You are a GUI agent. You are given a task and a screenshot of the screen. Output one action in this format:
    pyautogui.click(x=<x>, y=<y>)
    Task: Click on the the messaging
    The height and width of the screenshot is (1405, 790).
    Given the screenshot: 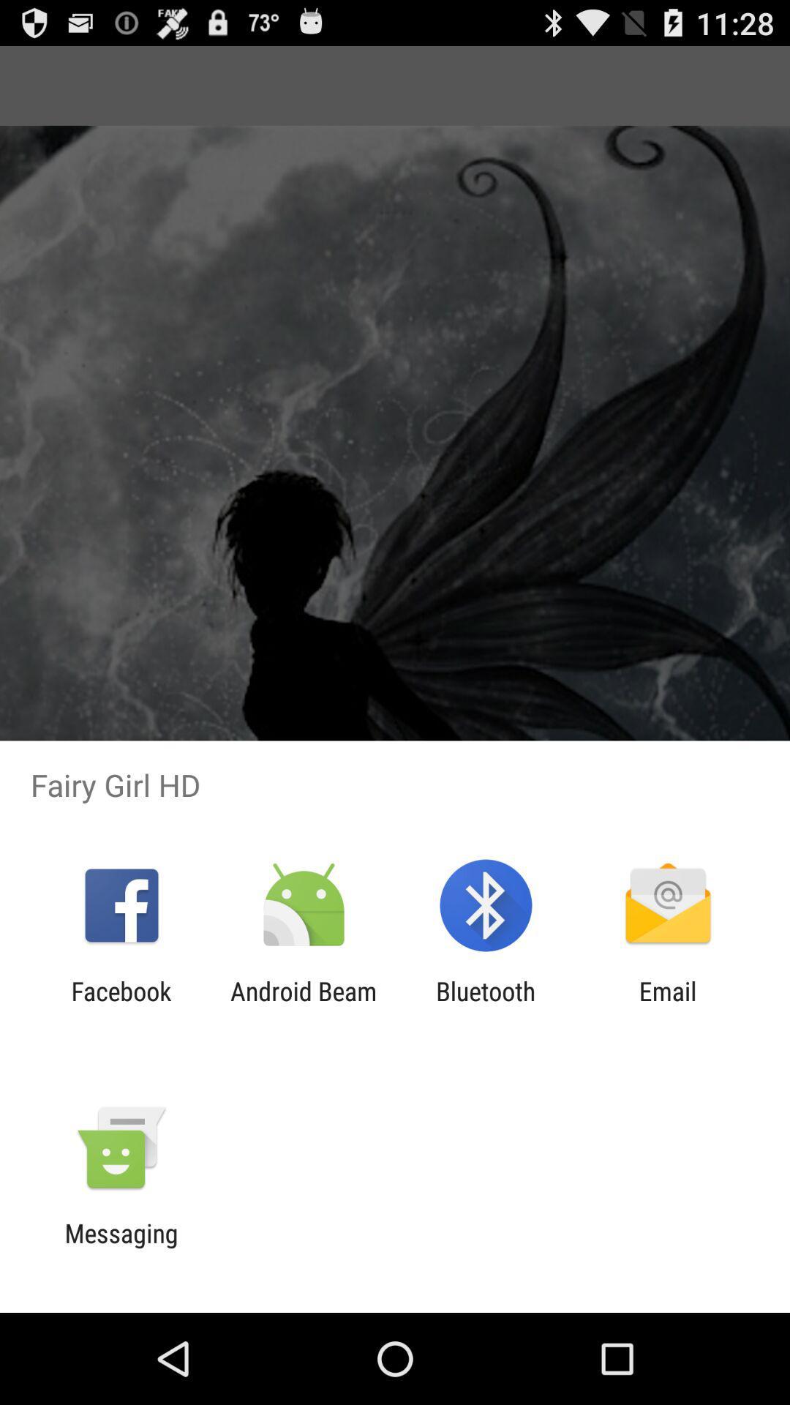 What is the action you would take?
    pyautogui.click(x=121, y=1248)
    